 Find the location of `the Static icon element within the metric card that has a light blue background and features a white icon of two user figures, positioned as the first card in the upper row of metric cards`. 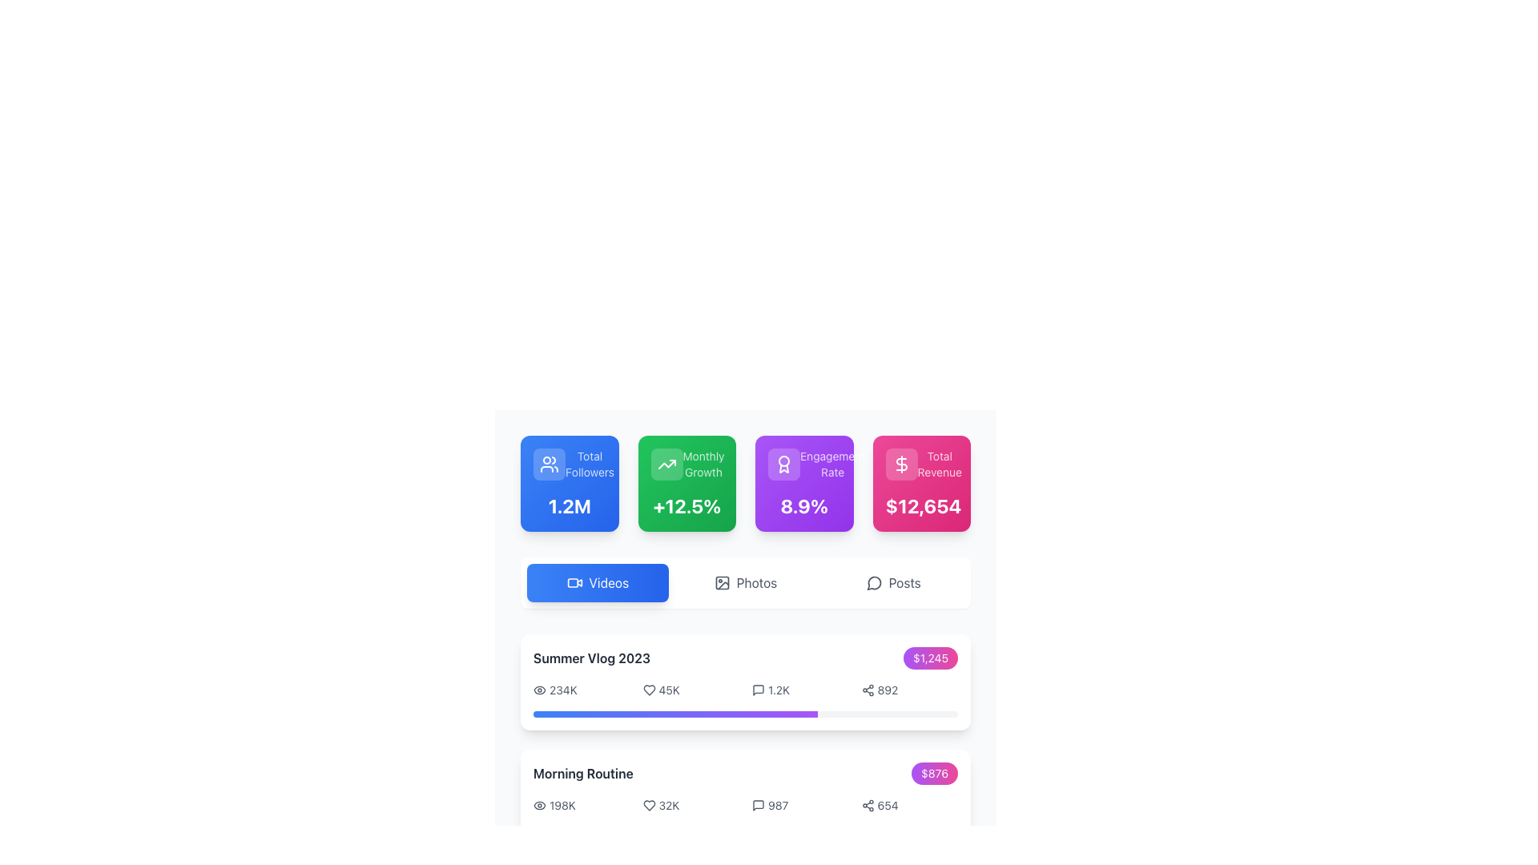

the Static icon element within the metric card that has a light blue background and features a white icon of two user figures, positioned as the first card in the upper row of metric cards is located at coordinates (550, 464).